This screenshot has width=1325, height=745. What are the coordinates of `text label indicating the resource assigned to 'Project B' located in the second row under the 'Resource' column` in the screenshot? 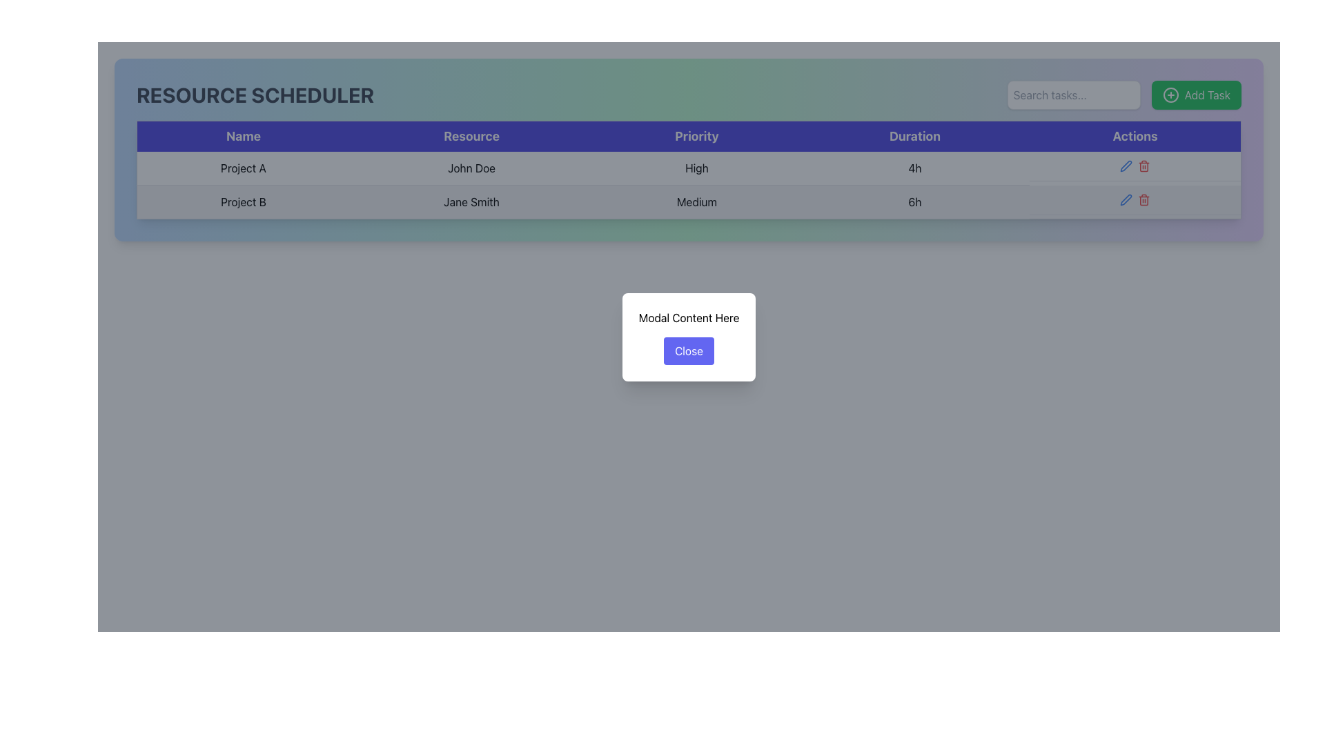 It's located at (471, 202).